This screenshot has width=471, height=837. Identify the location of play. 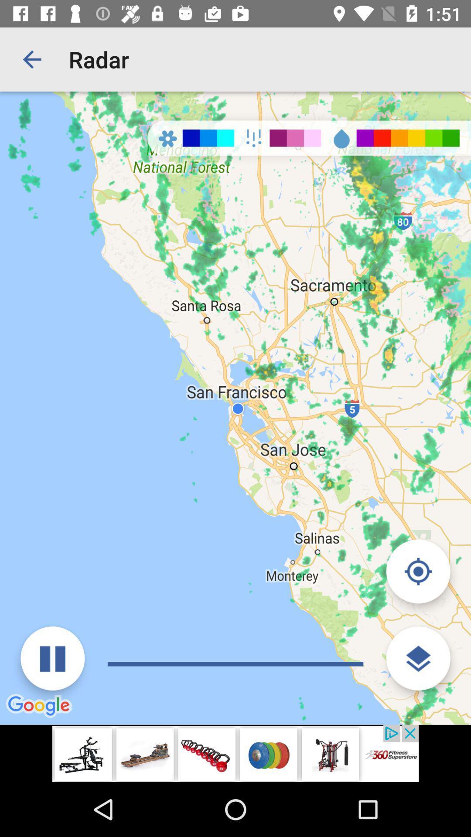
(52, 658).